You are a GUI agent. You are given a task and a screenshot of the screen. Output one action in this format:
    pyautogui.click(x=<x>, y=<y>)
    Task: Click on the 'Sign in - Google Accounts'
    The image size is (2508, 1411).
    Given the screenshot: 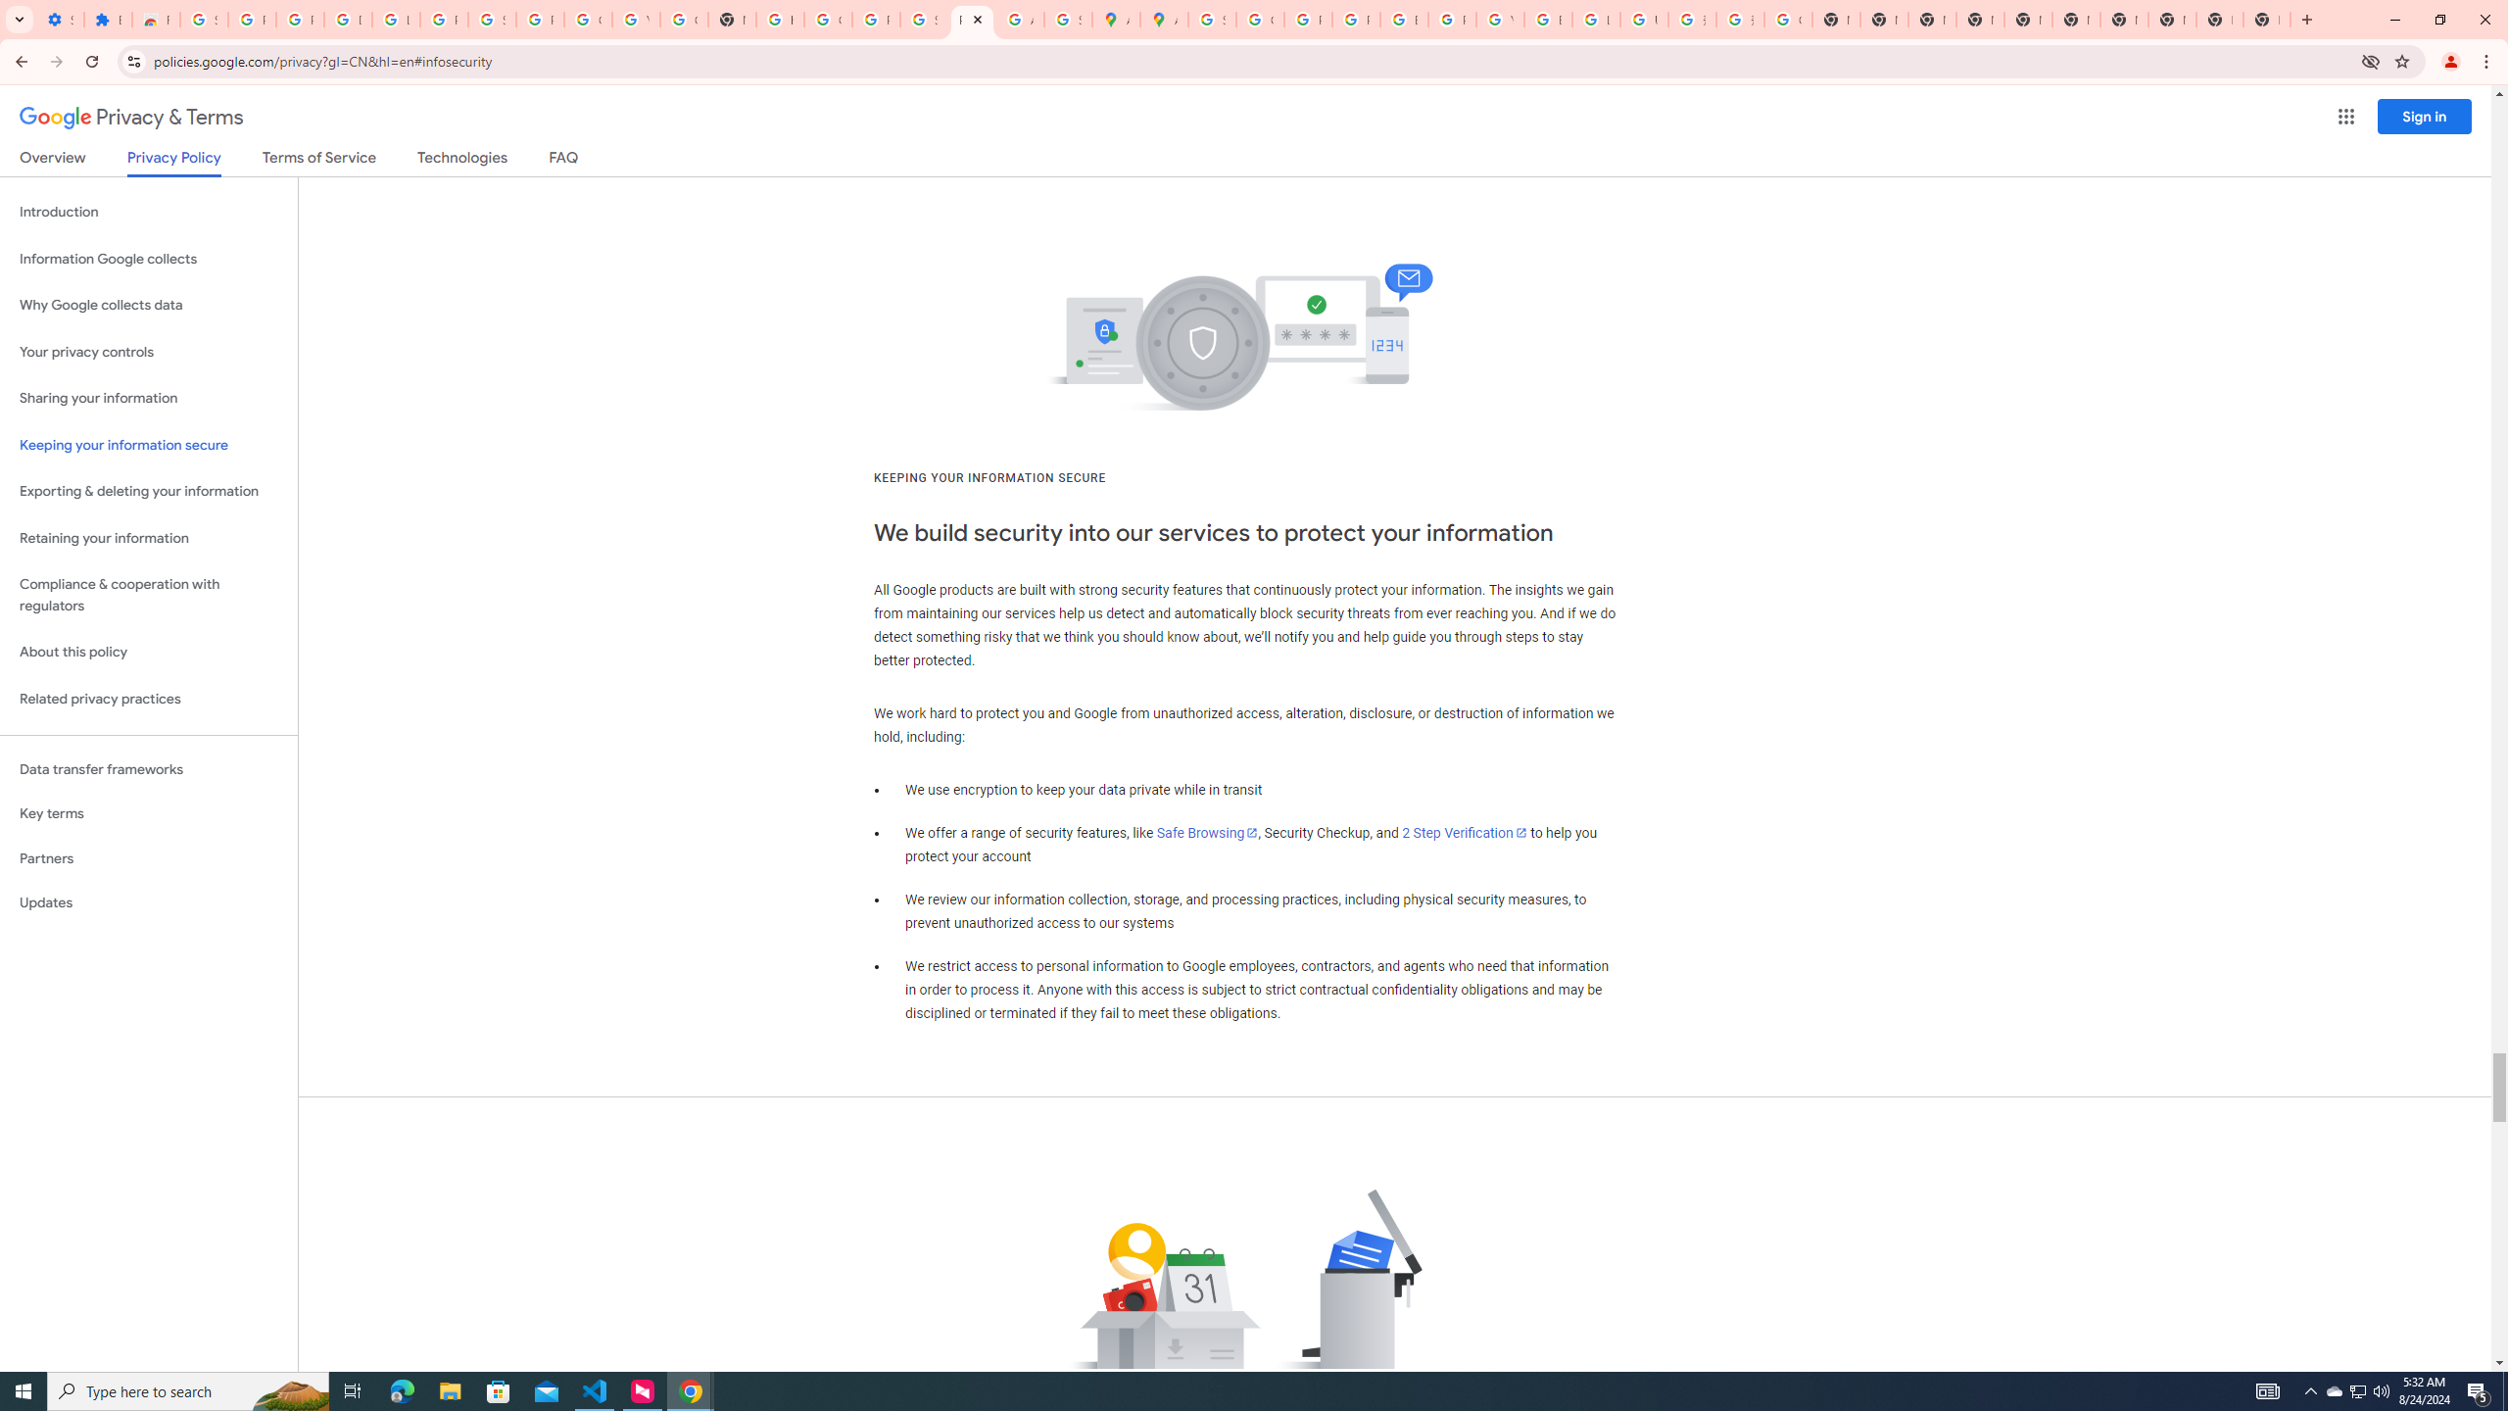 What is the action you would take?
    pyautogui.click(x=203, y=19)
    